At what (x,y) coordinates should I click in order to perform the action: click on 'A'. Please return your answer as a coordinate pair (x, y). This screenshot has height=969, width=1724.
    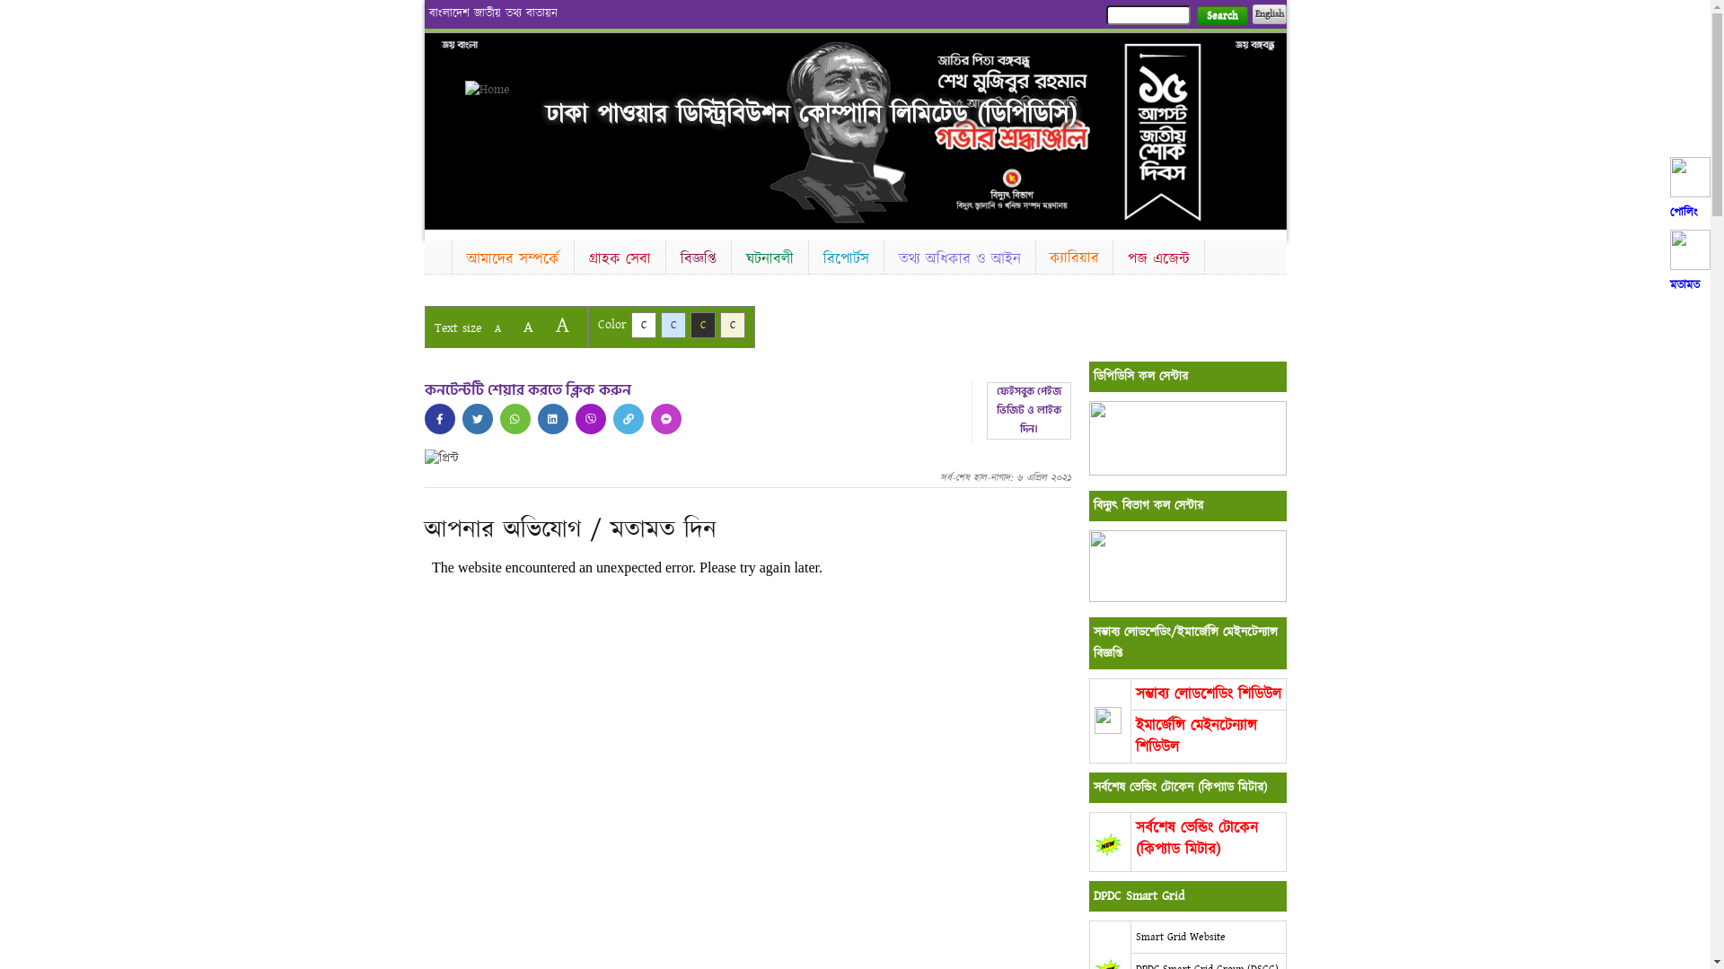
    Looking at the image, I should click on (497, 328).